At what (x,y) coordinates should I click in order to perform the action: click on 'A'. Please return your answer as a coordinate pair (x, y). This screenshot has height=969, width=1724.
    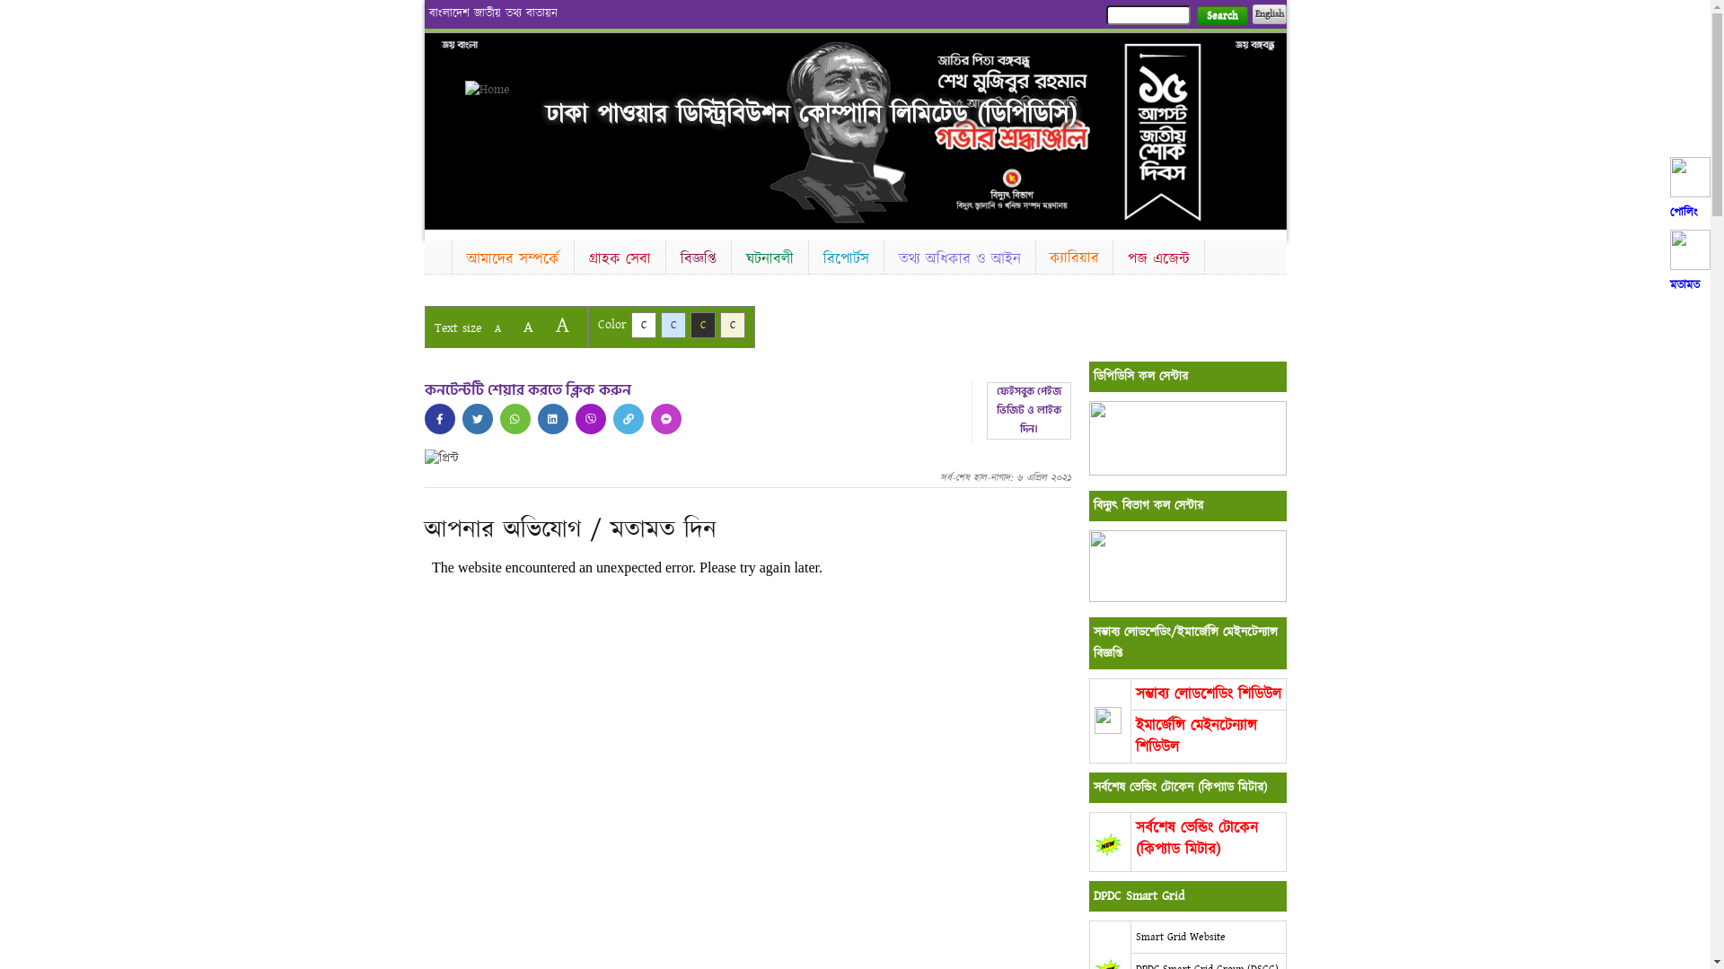
    Looking at the image, I should click on (497, 328).